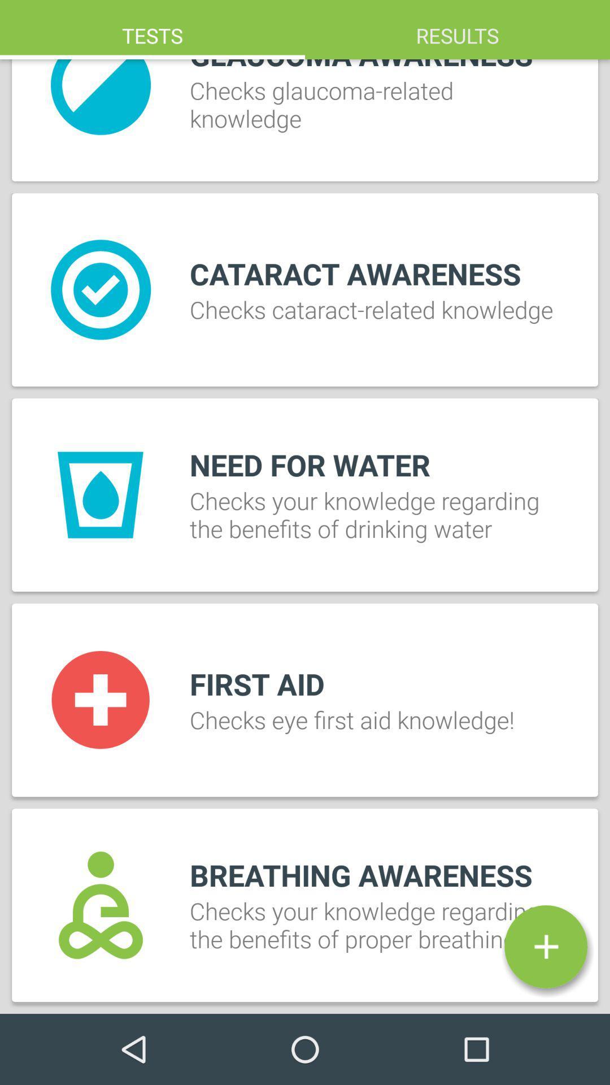  Describe the element at coordinates (152, 29) in the screenshot. I see `the item to the left of results item` at that location.